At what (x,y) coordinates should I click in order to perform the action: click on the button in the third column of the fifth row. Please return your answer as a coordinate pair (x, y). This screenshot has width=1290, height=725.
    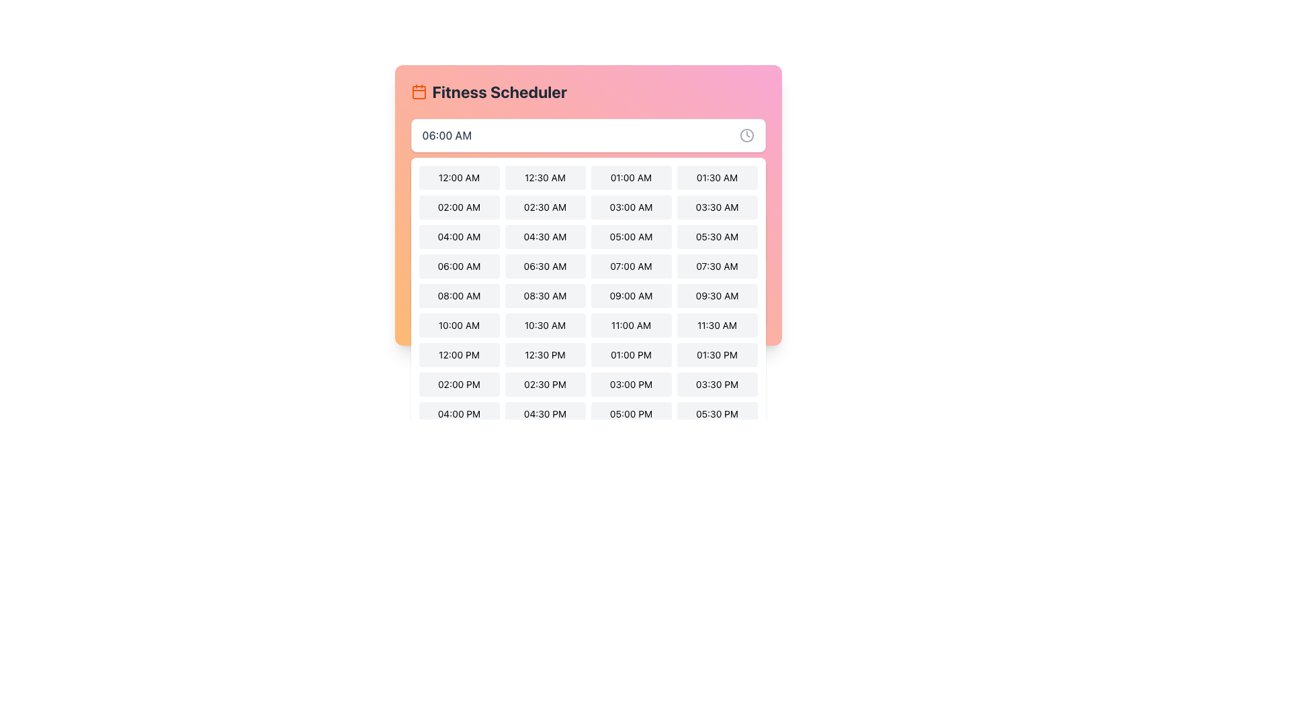
    Looking at the image, I should click on (459, 295).